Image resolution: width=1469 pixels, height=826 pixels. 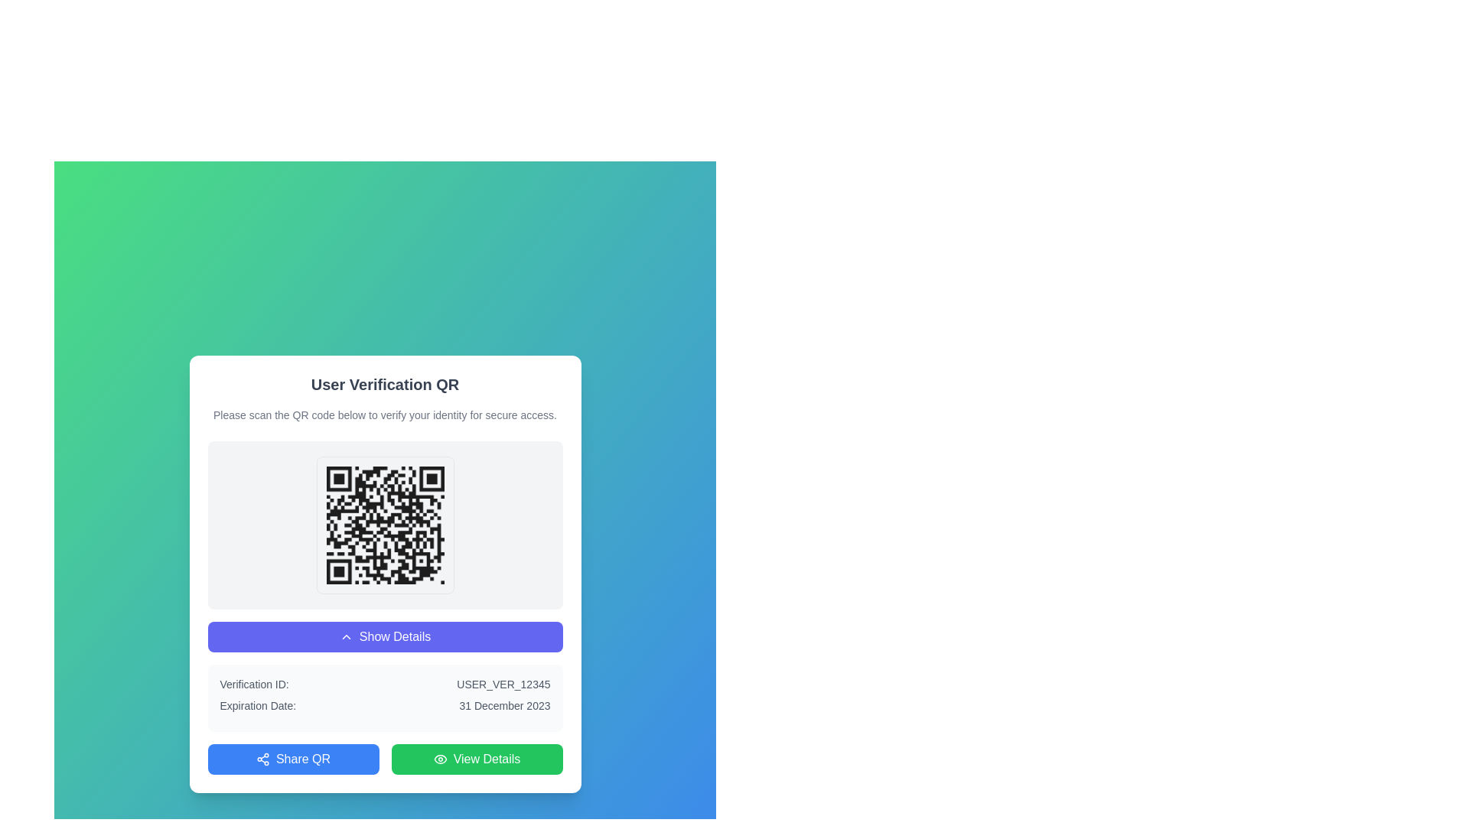 I want to click on the QR code located at the center of the 'User Verification QR' card, which is enclosed within a light grey box, so click(x=385, y=524).